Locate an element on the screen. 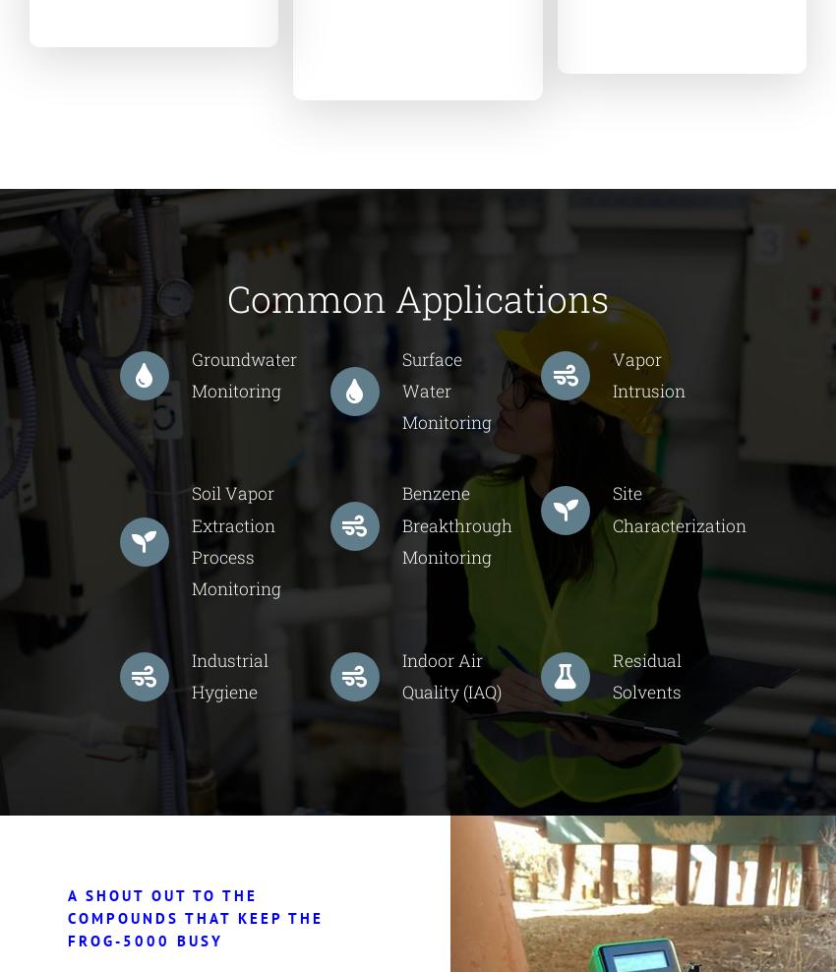  'Indoor Air Quality (IAQ)' is located at coordinates (449, 675).